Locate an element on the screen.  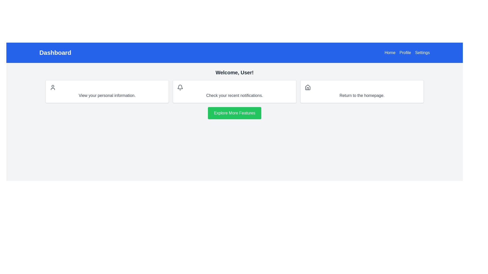
the text label that says 'Check your recent notifications.' which is located in the middle card of a three-card layout, below the header 'Welcome, User!' and to the right of a bell icon is located at coordinates (234, 96).